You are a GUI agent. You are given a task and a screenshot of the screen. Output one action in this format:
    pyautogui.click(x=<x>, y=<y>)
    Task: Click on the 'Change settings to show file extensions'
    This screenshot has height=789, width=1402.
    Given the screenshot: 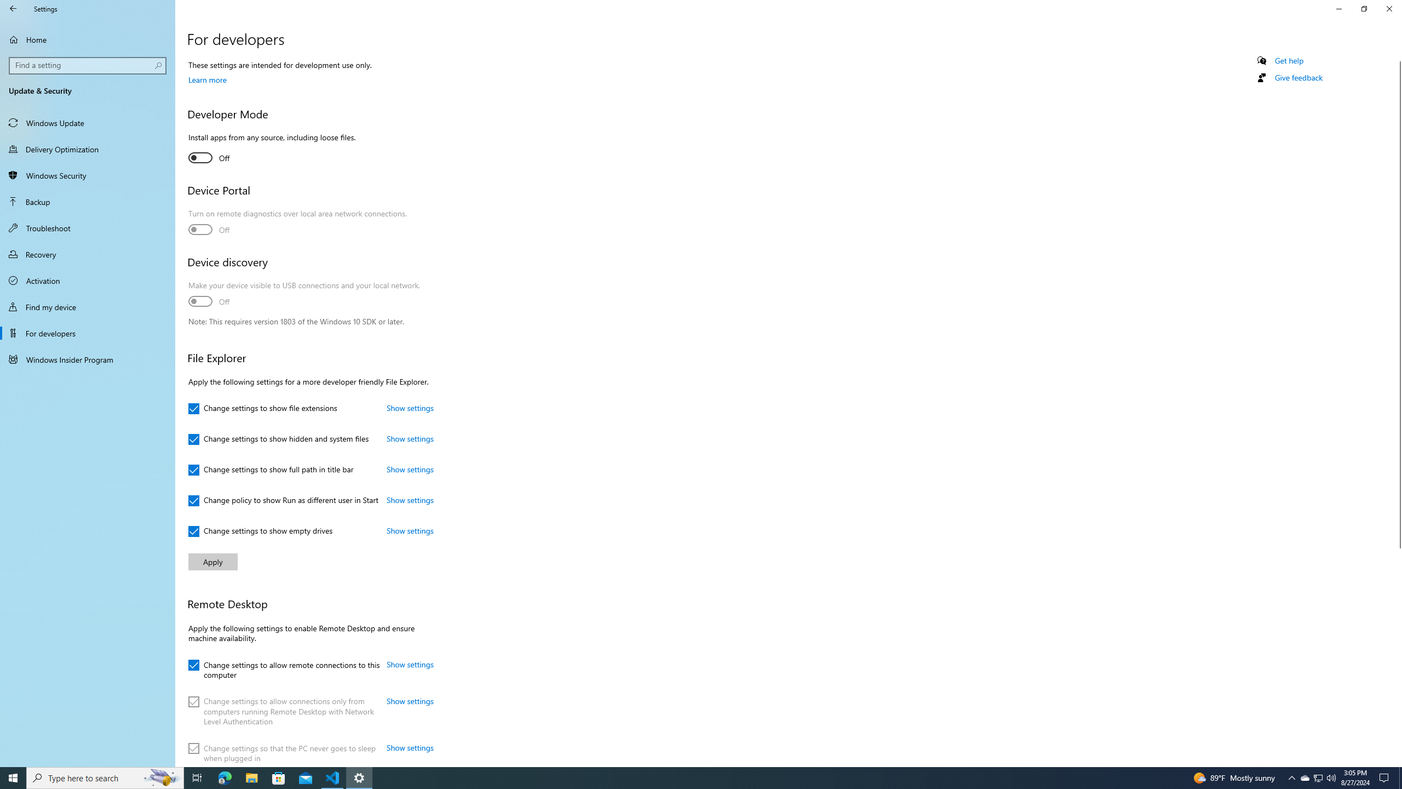 What is the action you would take?
    pyautogui.click(x=263, y=408)
    